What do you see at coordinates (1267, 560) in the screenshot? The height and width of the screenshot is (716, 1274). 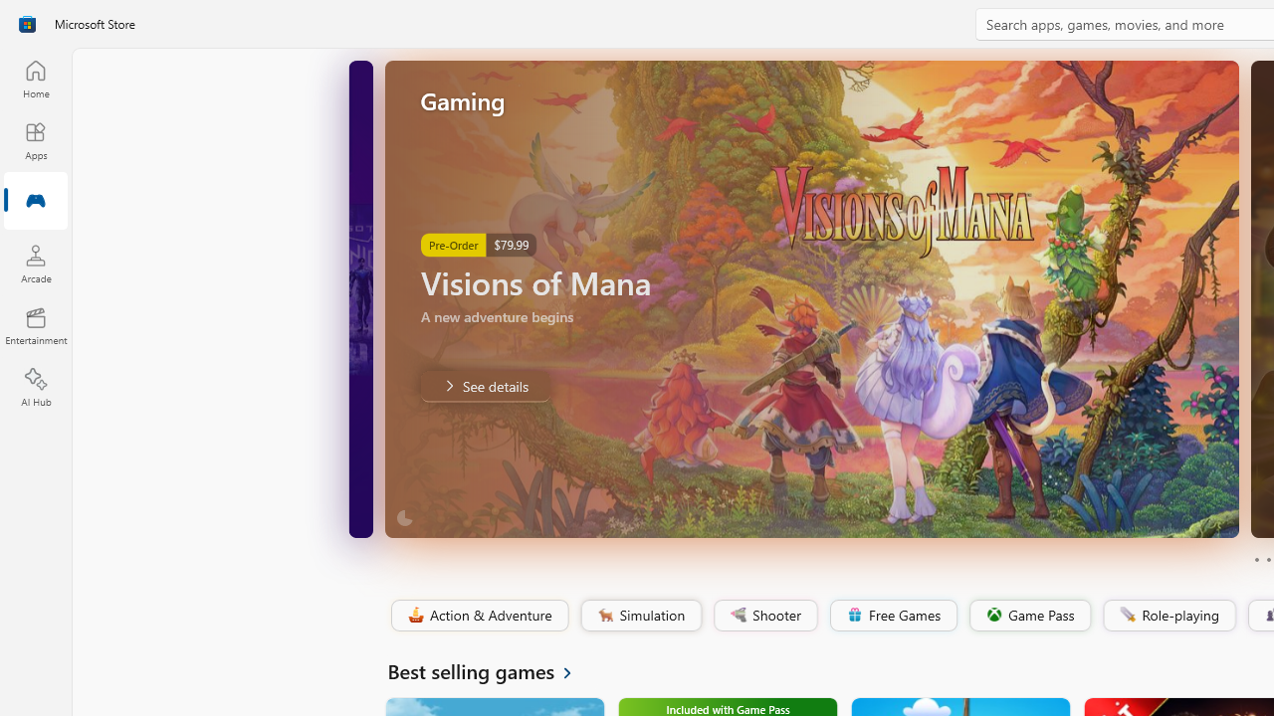 I see `'Page 2'` at bounding box center [1267, 560].